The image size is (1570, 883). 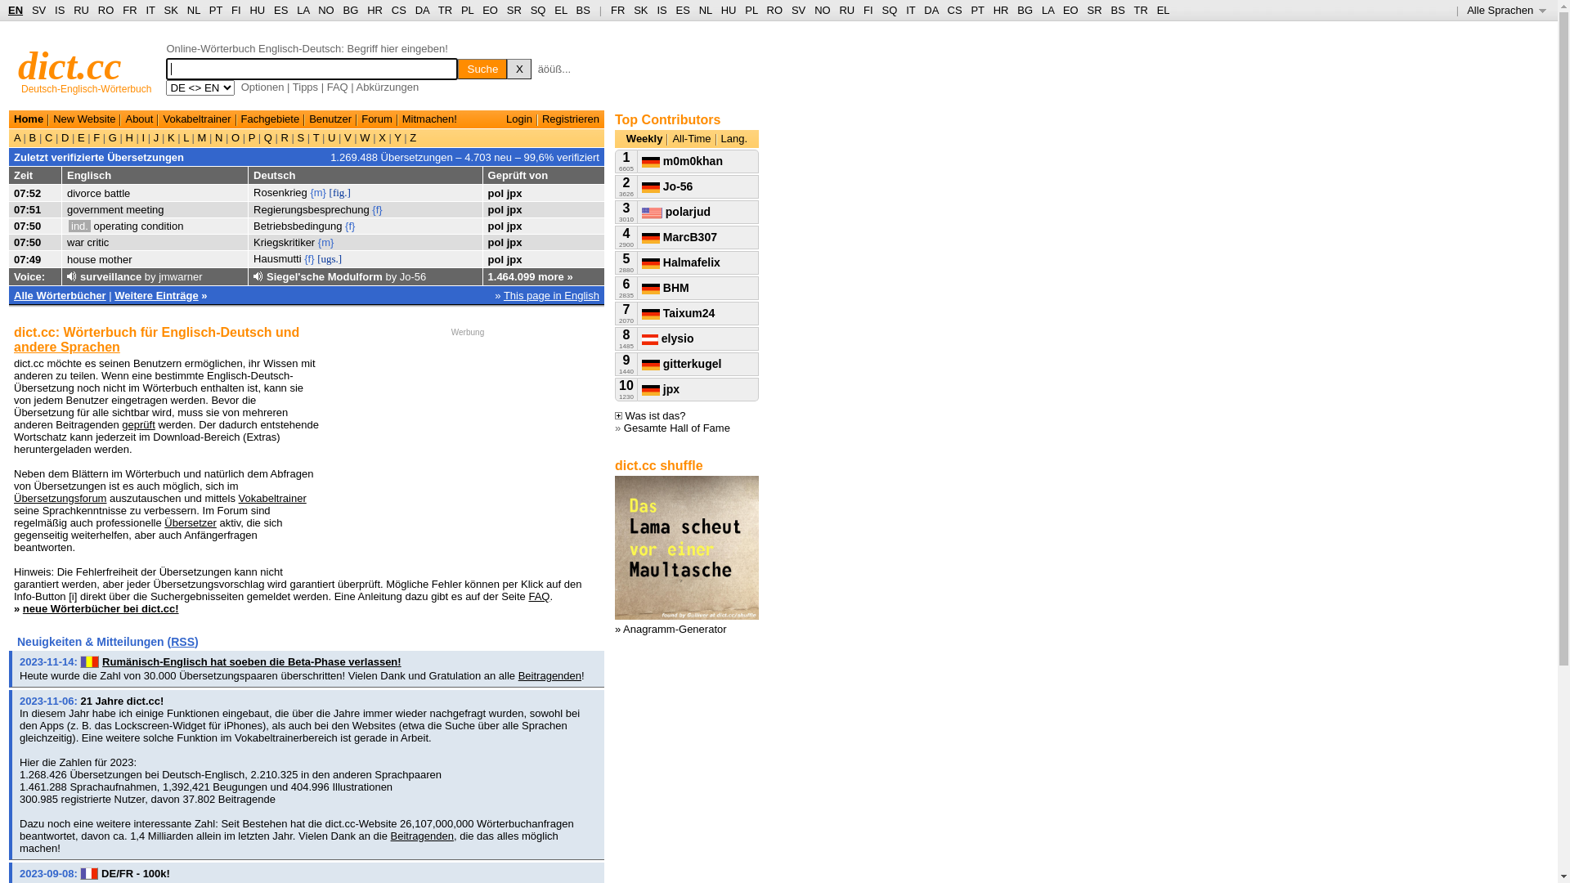 I want to click on 'elysio', so click(x=667, y=337).